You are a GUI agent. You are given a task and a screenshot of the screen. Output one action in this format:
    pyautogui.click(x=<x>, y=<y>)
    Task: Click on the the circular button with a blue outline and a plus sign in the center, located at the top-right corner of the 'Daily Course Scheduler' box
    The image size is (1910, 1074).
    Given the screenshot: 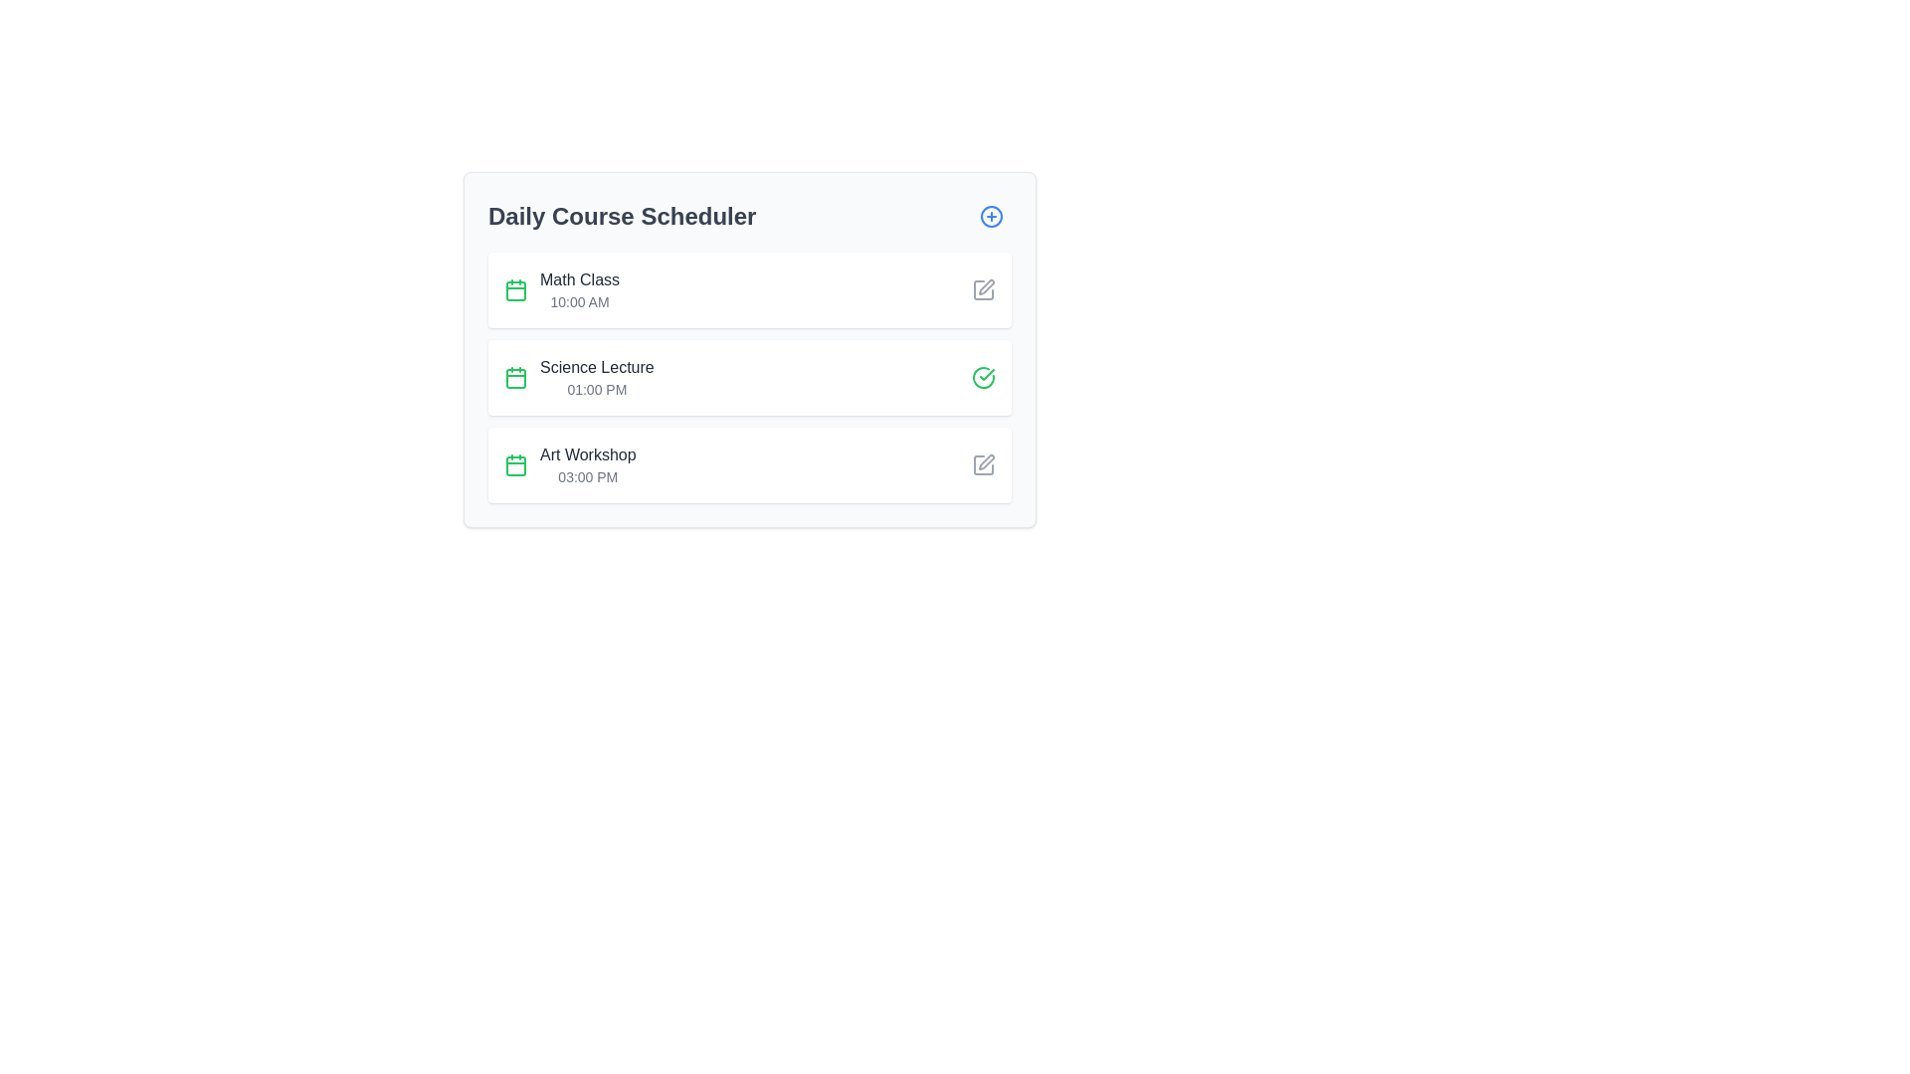 What is the action you would take?
    pyautogui.click(x=992, y=217)
    